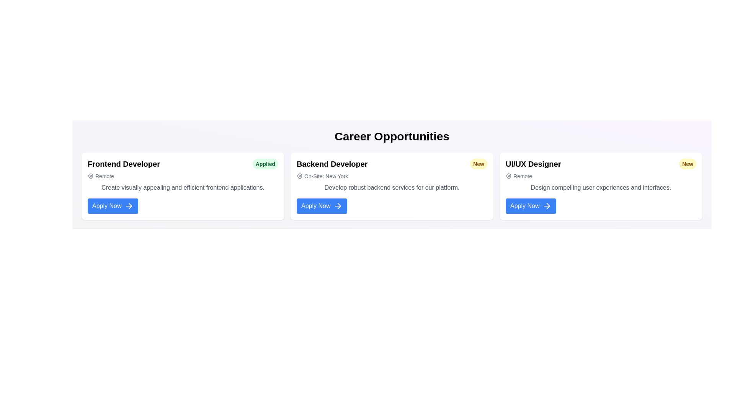  What do you see at coordinates (392, 187) in the screenshot?
I see `the static text element containing the string 'Develop robust backend services for our platform.' which is styled in medium gray and positioned below the location information of the 'Backend Developer' job posting` at bounding box center [392, 187].